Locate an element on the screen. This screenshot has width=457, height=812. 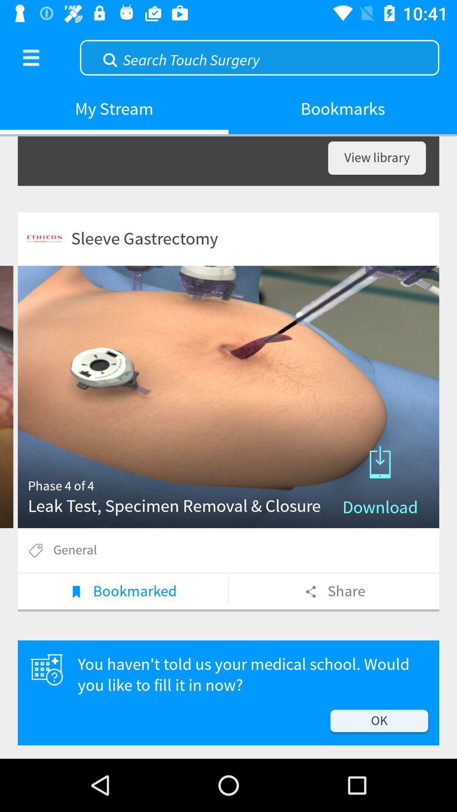
the item next to my stream is located at coordinates (30, 57).